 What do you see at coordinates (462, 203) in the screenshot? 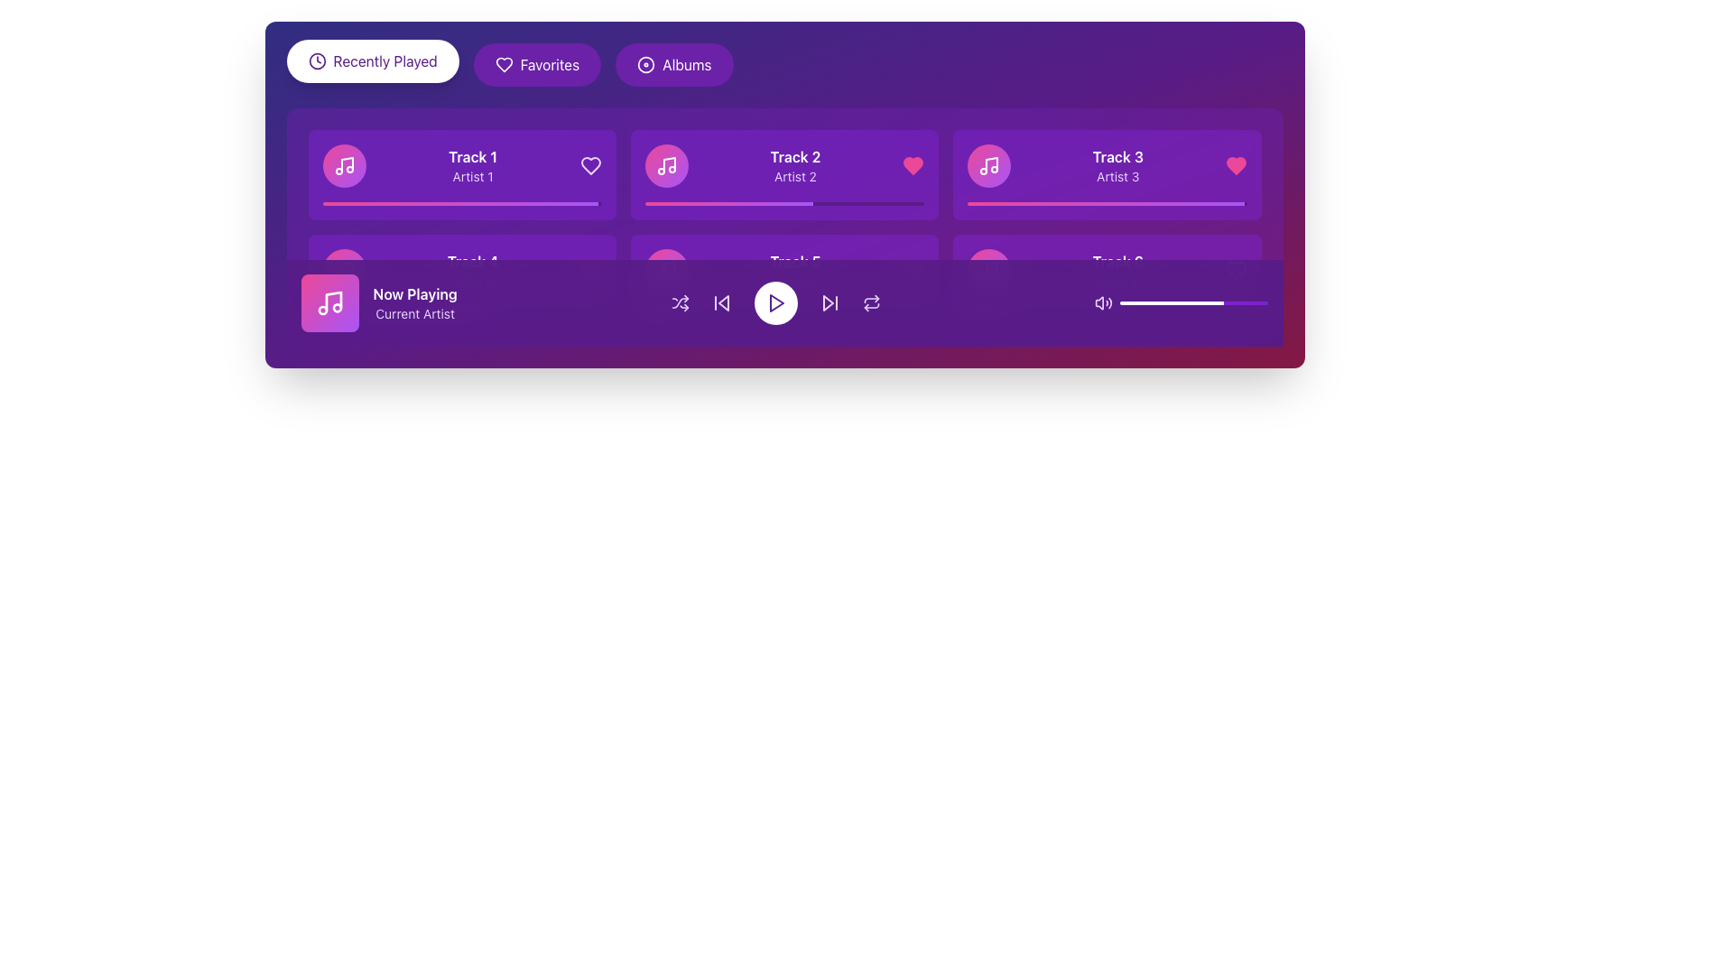
I see `the playback progress visually on the progress bar representing 'Track 1'` at bounding box center [462, 203].